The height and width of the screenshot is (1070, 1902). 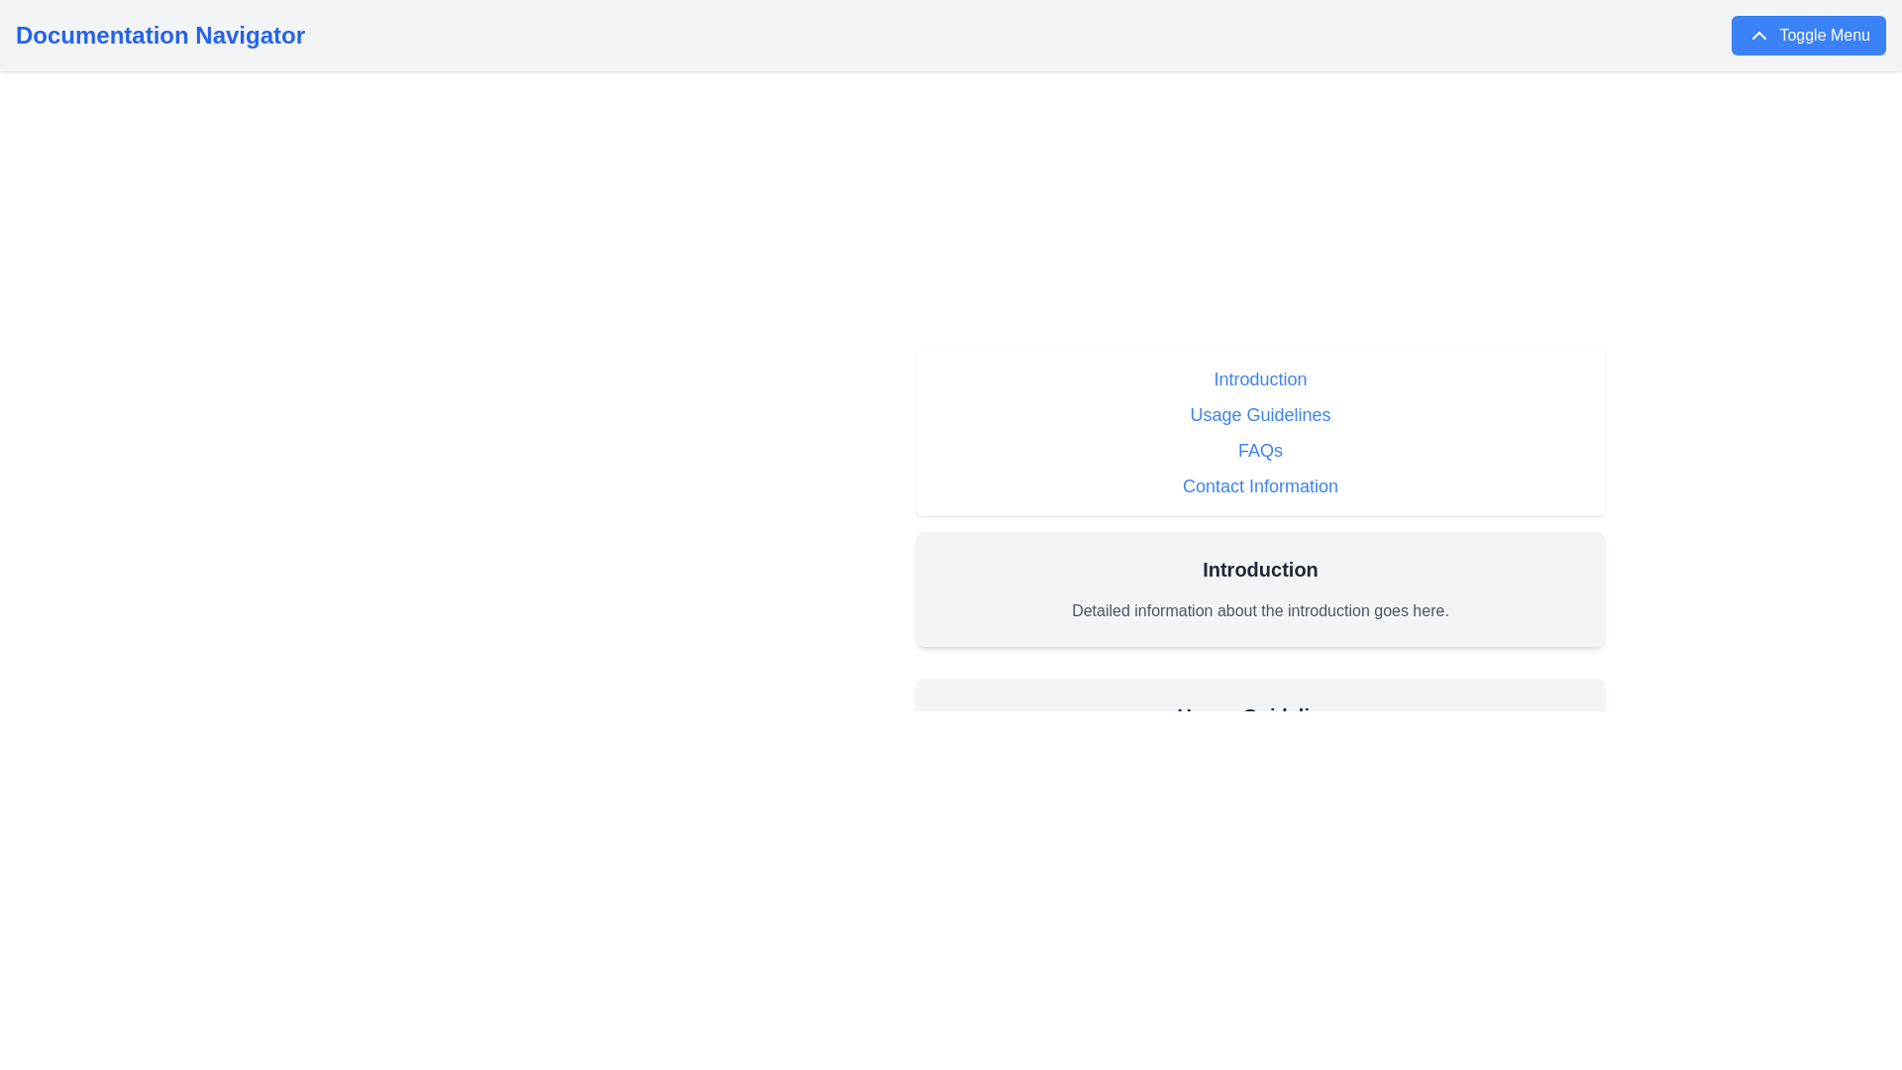 I want to click on an item link in the vertical navigation menu, so click(x=1259, y=431).